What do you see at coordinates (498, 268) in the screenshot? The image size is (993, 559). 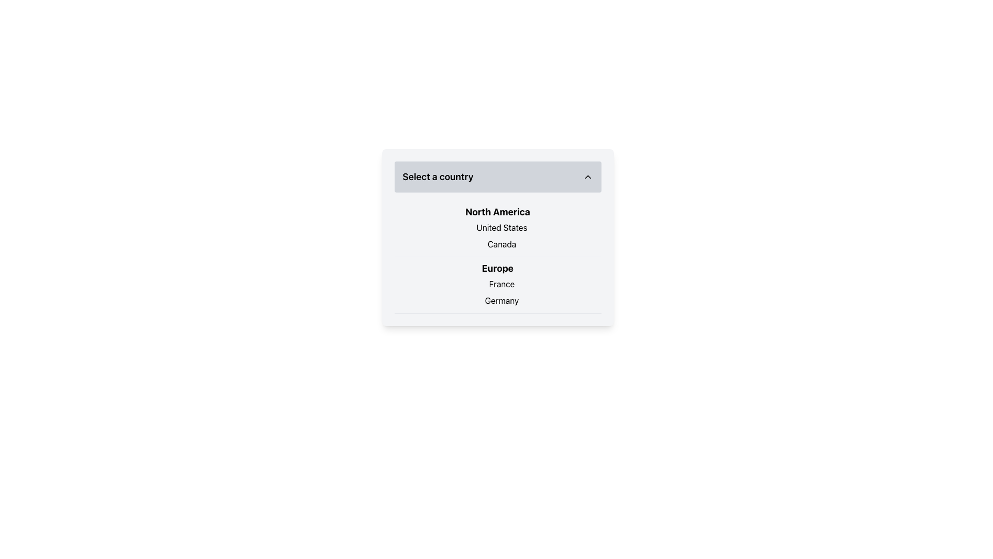 I see `the header text categorizing the items that follow it, which are specific countries within the 'Europe' region, located centrally above the 'France' and 'Germany' elements` at bounding box center [498, 268].